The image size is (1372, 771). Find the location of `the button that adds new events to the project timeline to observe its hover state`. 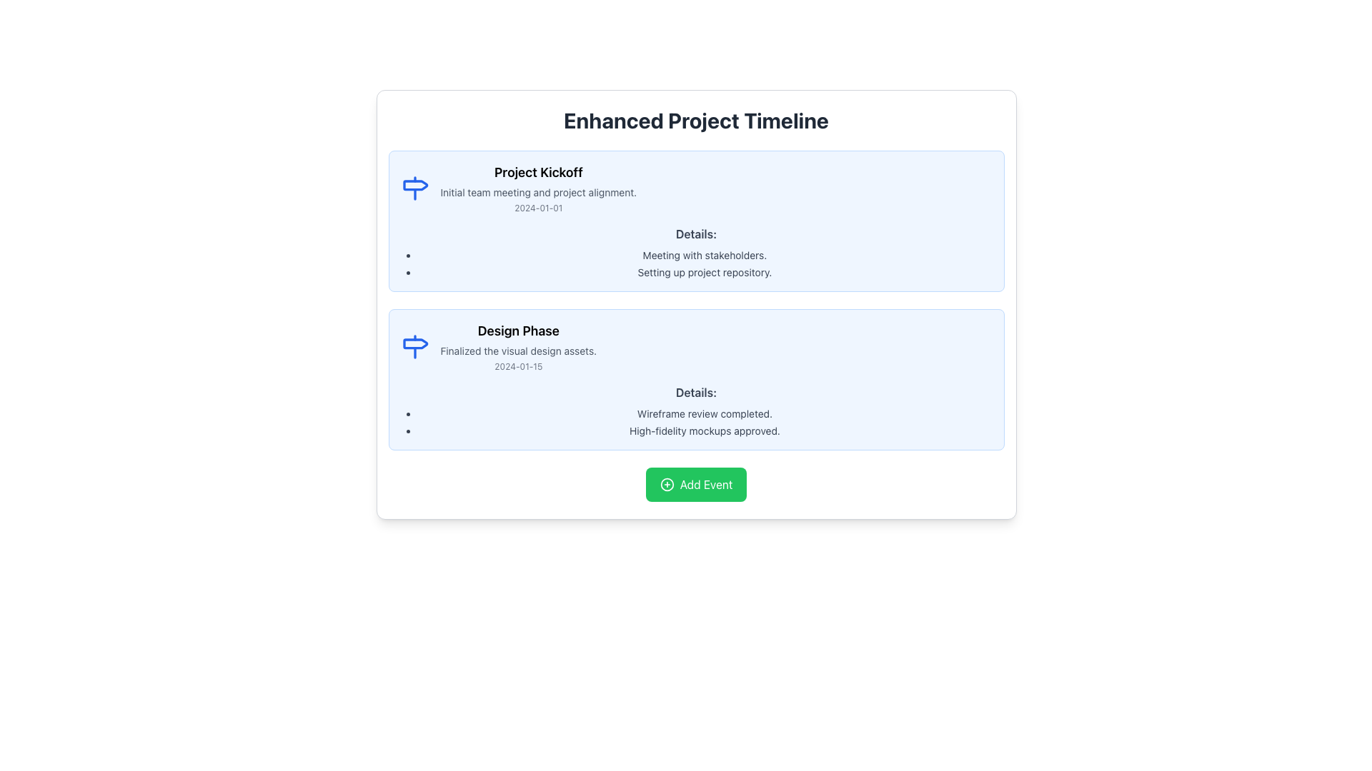

the button that adds new events to the project timeline to observe its hover state is located at coordinates (696, 483).